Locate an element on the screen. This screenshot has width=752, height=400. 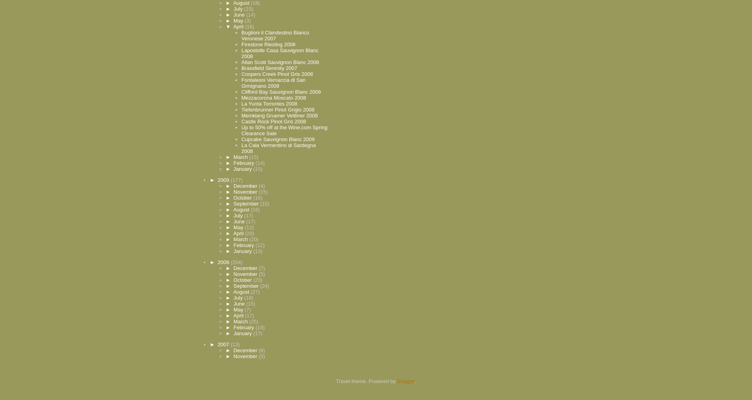
'(3)' is located at coordinates (248, 20).